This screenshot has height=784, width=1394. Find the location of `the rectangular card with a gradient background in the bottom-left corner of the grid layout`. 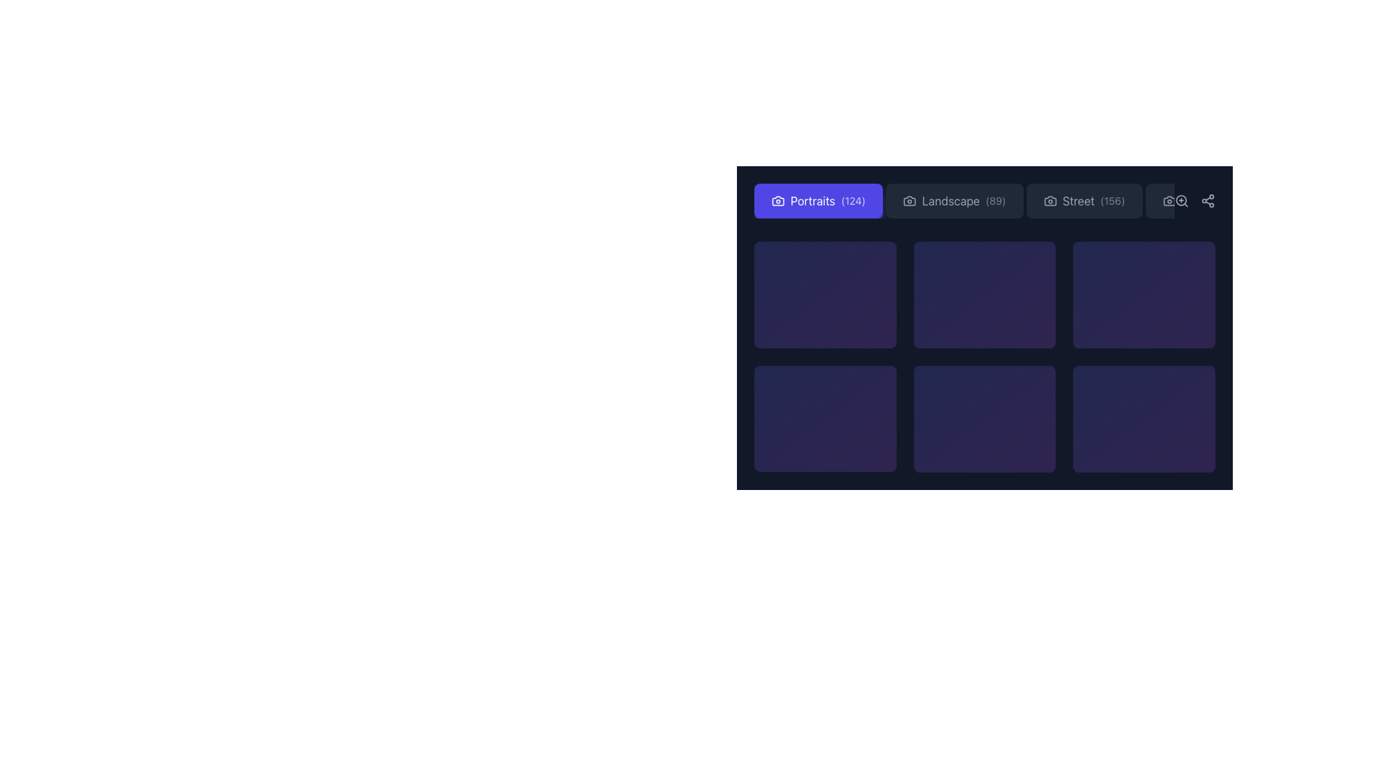

the rectangular card with a gradient background in the bottom-left corner of the grid layout is located at coordinates (825, 419).